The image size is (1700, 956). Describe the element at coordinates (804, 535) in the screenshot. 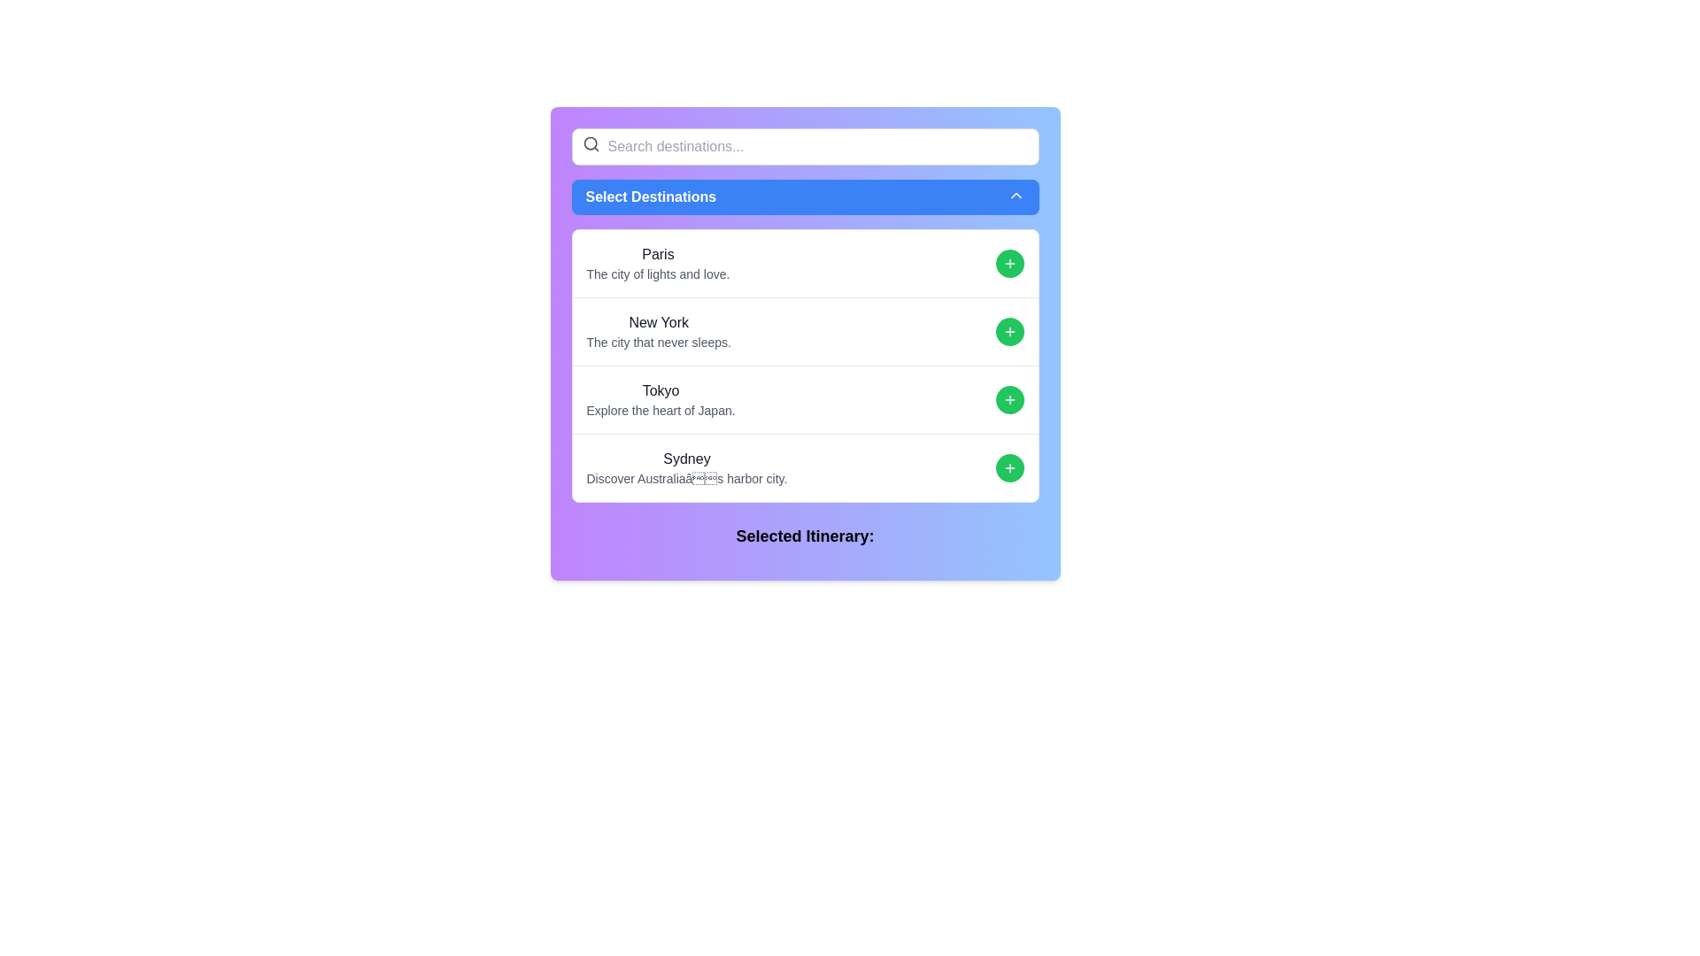

I see `the label displaying 'Selected Itinerary:', which is styled with a large, bold font and positioned at the bottom of the interface, below the list of selectable options` at that location.